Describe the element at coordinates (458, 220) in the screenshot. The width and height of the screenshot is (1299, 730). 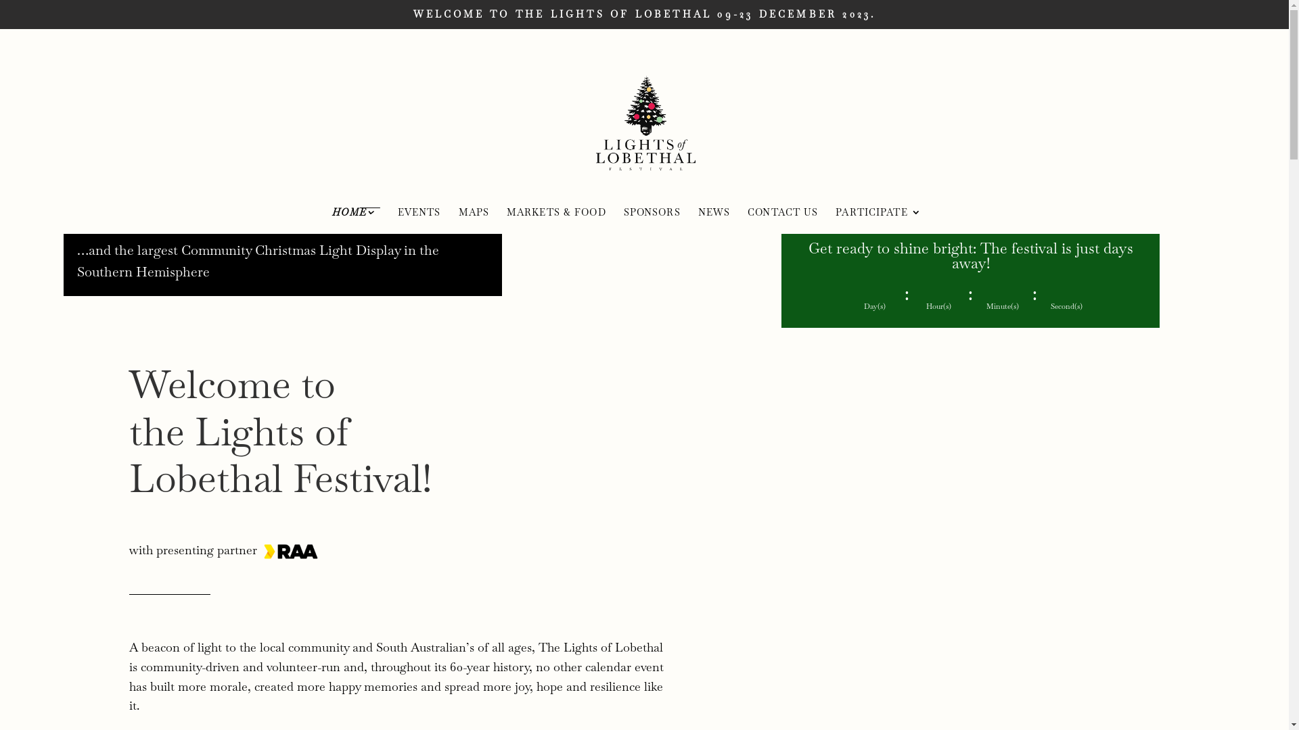
I see `'MAPS'` at that location.